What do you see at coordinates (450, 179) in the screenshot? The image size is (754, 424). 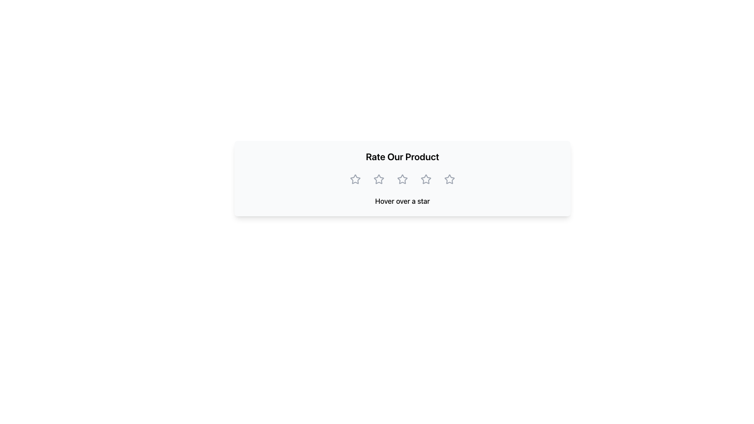 I see `keyboard navigation` at bounding box center [450, 179].